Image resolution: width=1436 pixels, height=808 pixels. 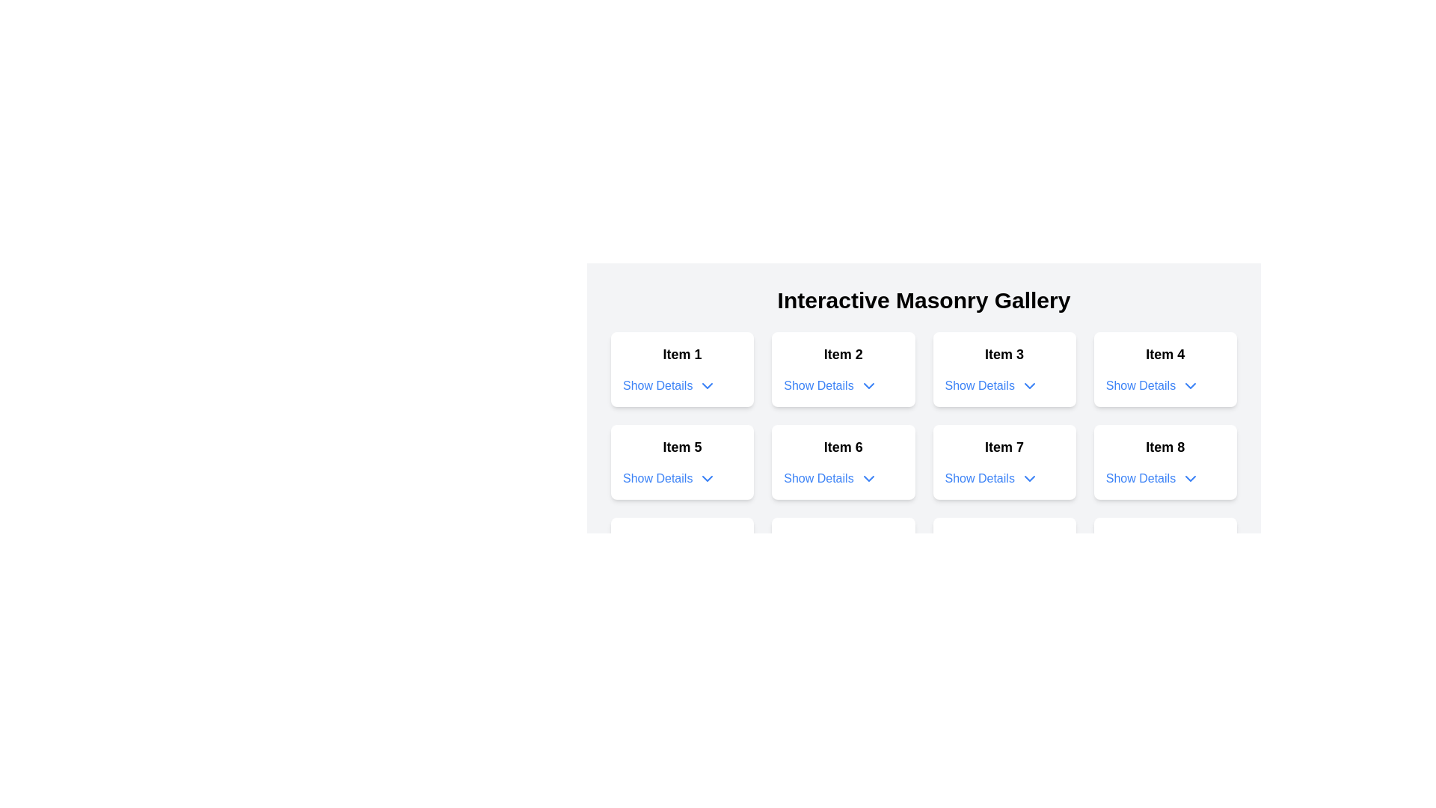 I want to click on the hyperlink text located below 'Item 2', so click(x=817, y=385).